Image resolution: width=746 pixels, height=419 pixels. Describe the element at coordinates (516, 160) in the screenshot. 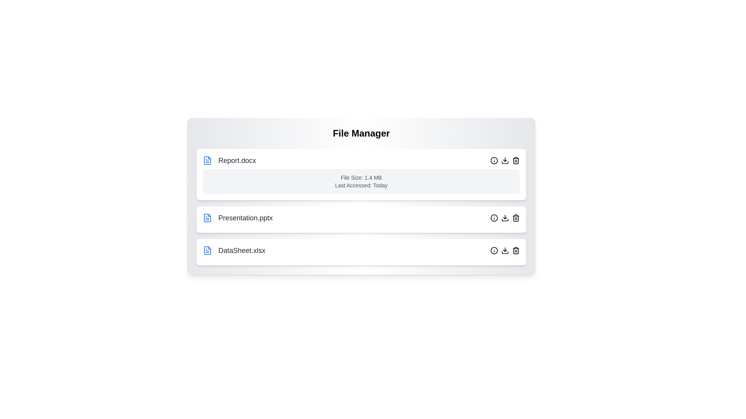

I see `the delete button for the file named Report.docx` at that location.